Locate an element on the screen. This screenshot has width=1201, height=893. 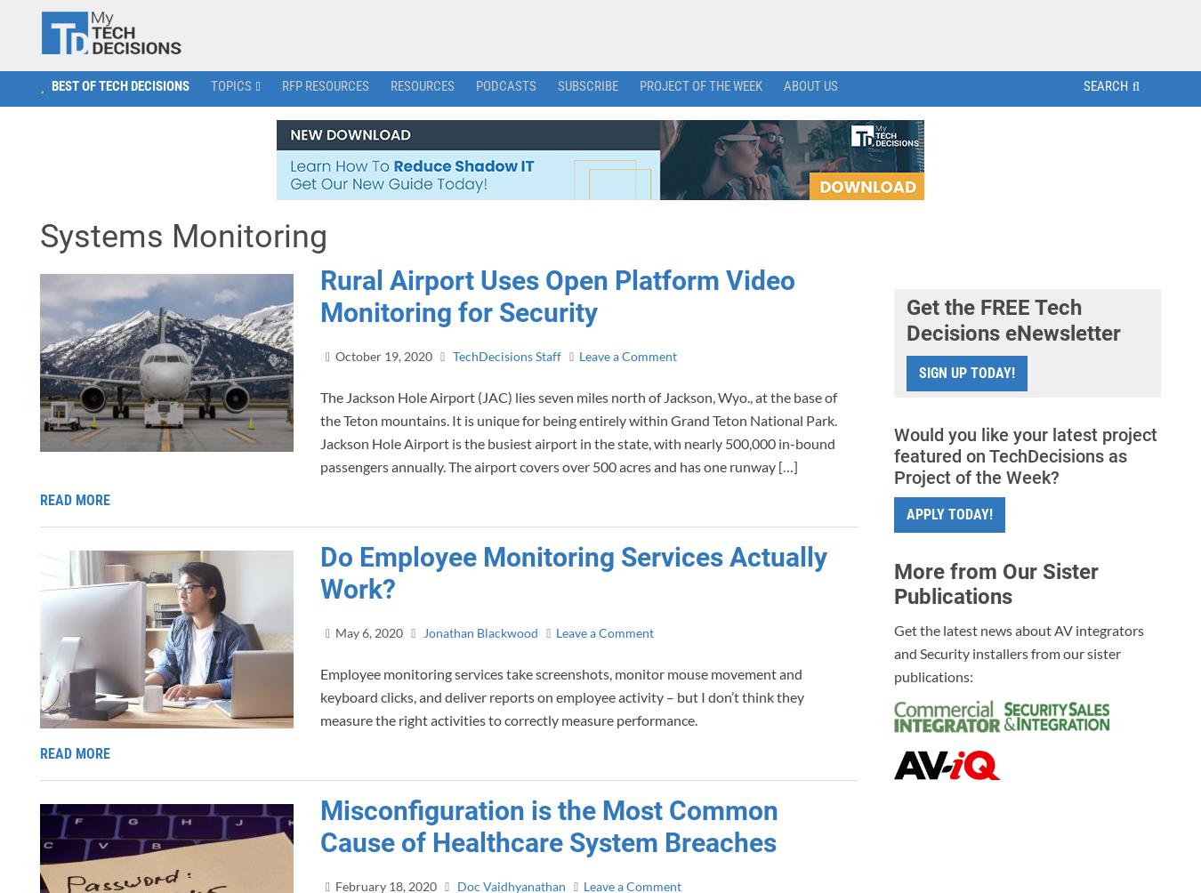
'The Jackson Hole Airport (JAC) lies seven miles north of Jackson, Wyo., at the base of the Teton mountains. It is unique for being entirely within Grand Teton National Park. Jackson Hole Airport is the busiest airport in the state, with nearly 500,000 in-bound passengers annually. The airport covers over 500 acres and has one runway […]' is located at coordinates (578, 430).